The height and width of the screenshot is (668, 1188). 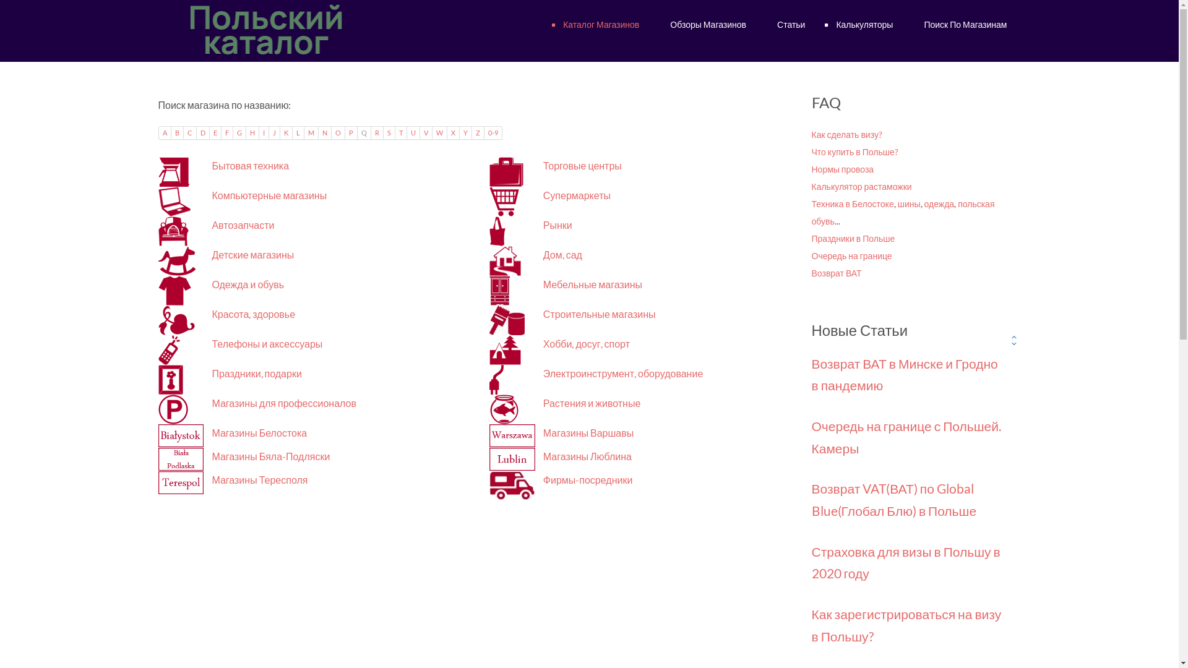 I want to click on 'N', so click(x=324, y=133).